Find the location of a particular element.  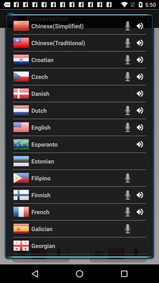

finnish item is located at coordinates (41, 195).